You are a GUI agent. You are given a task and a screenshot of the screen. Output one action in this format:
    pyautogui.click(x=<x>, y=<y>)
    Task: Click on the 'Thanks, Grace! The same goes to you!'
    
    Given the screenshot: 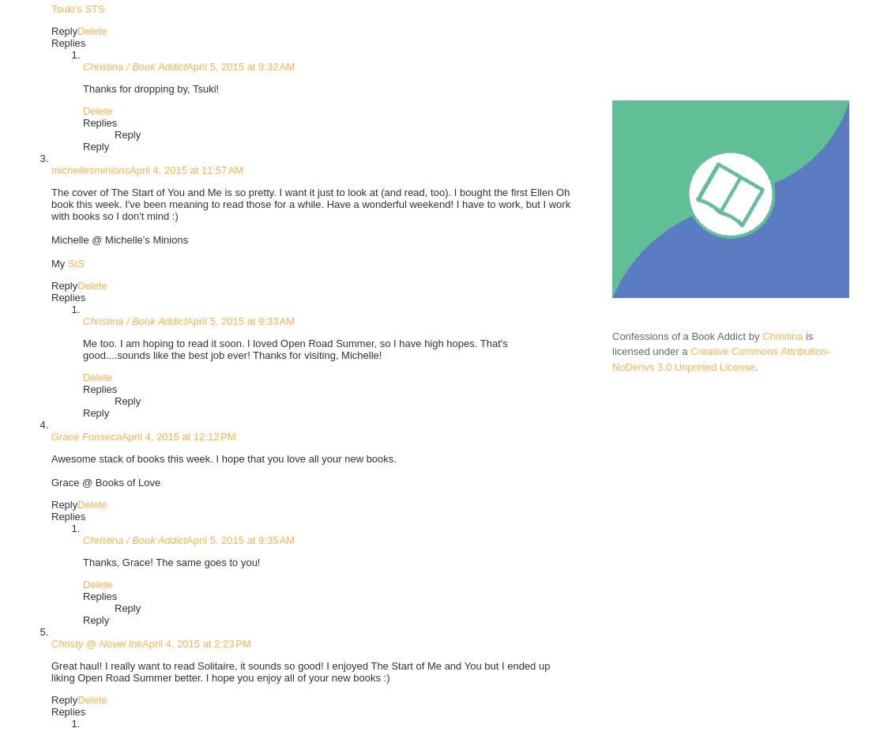 What is the action you would take?
    pyautogui.click(x=83, y=561)
    